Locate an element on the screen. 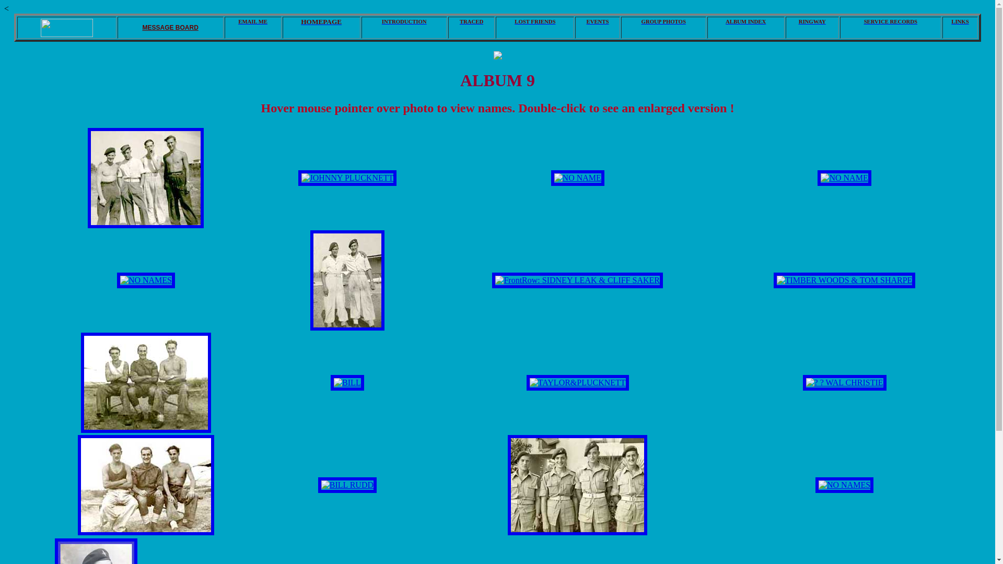  'MESSAGE BOARD' is located at coordinates (170, 27).